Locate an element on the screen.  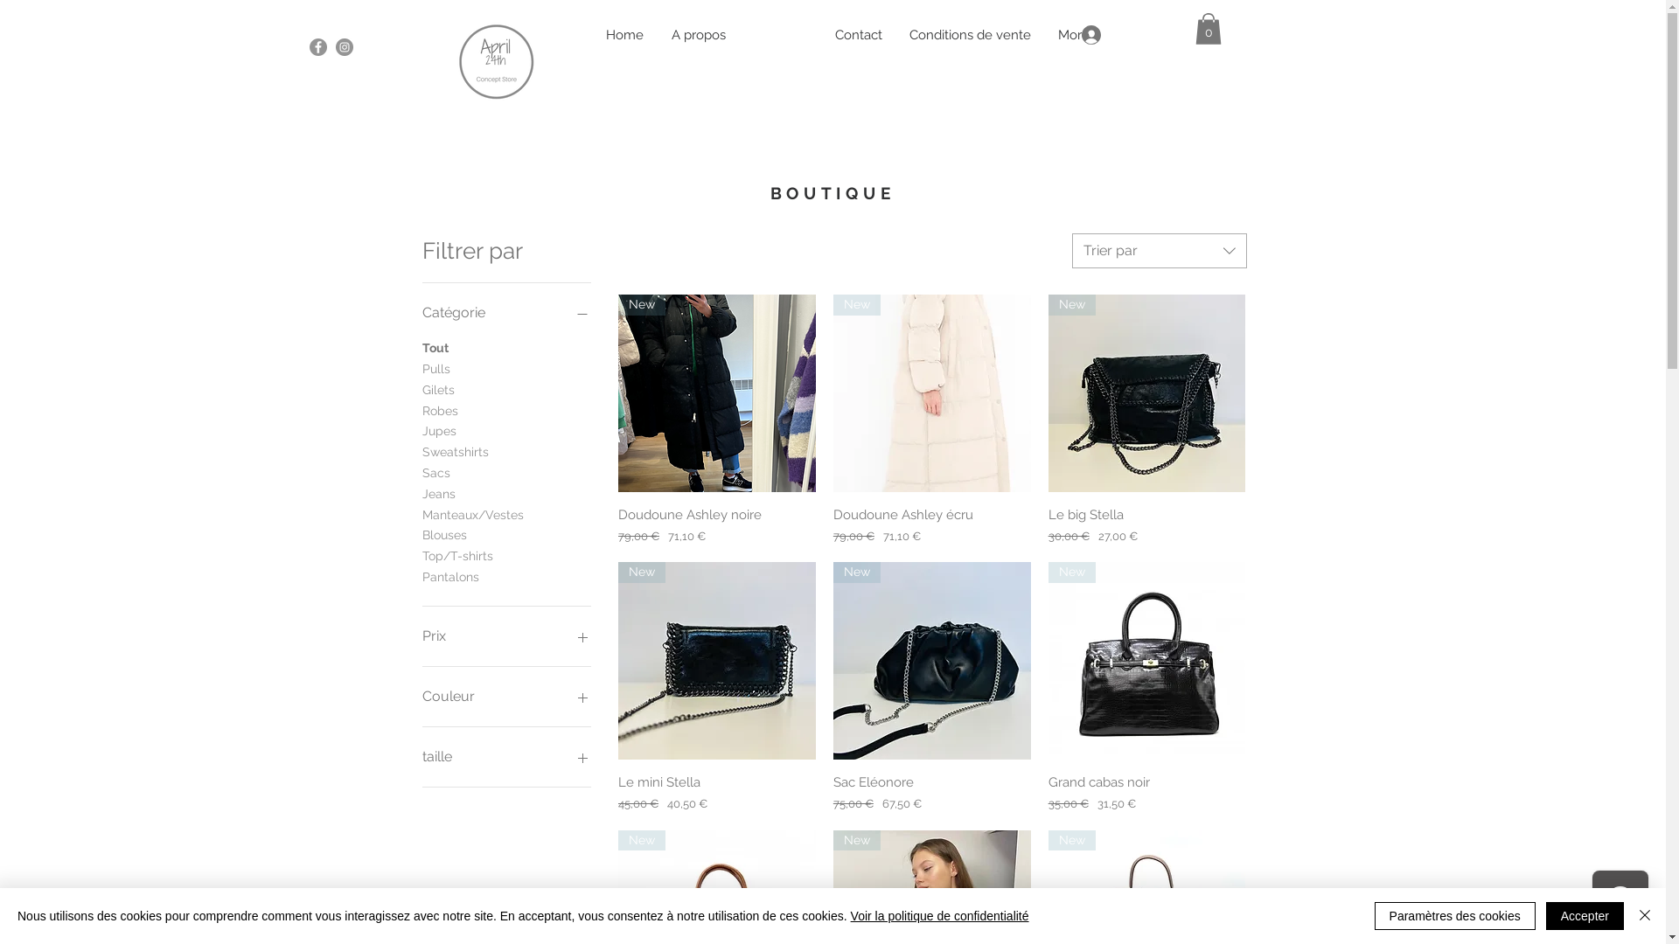
'Trier par' is located at coordinates (1159, 250).